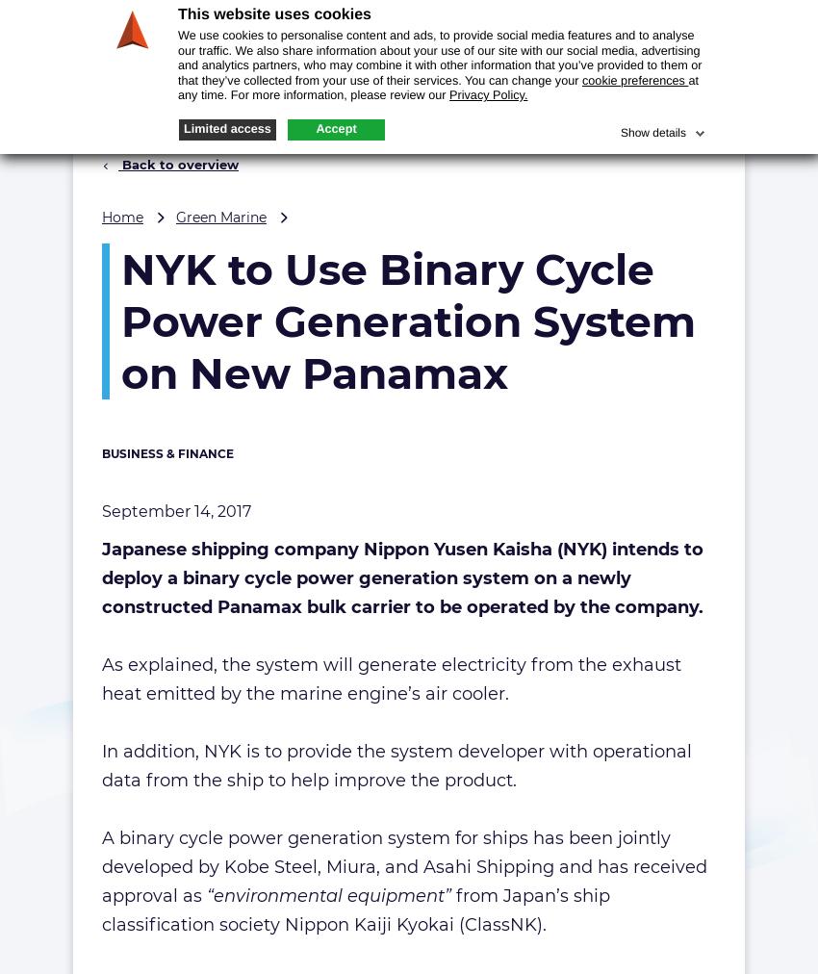 This screenshot has width=818, height=974. Describe the element at coordinates (689, 17) in the screenshot. I see `'Account'` at that location.